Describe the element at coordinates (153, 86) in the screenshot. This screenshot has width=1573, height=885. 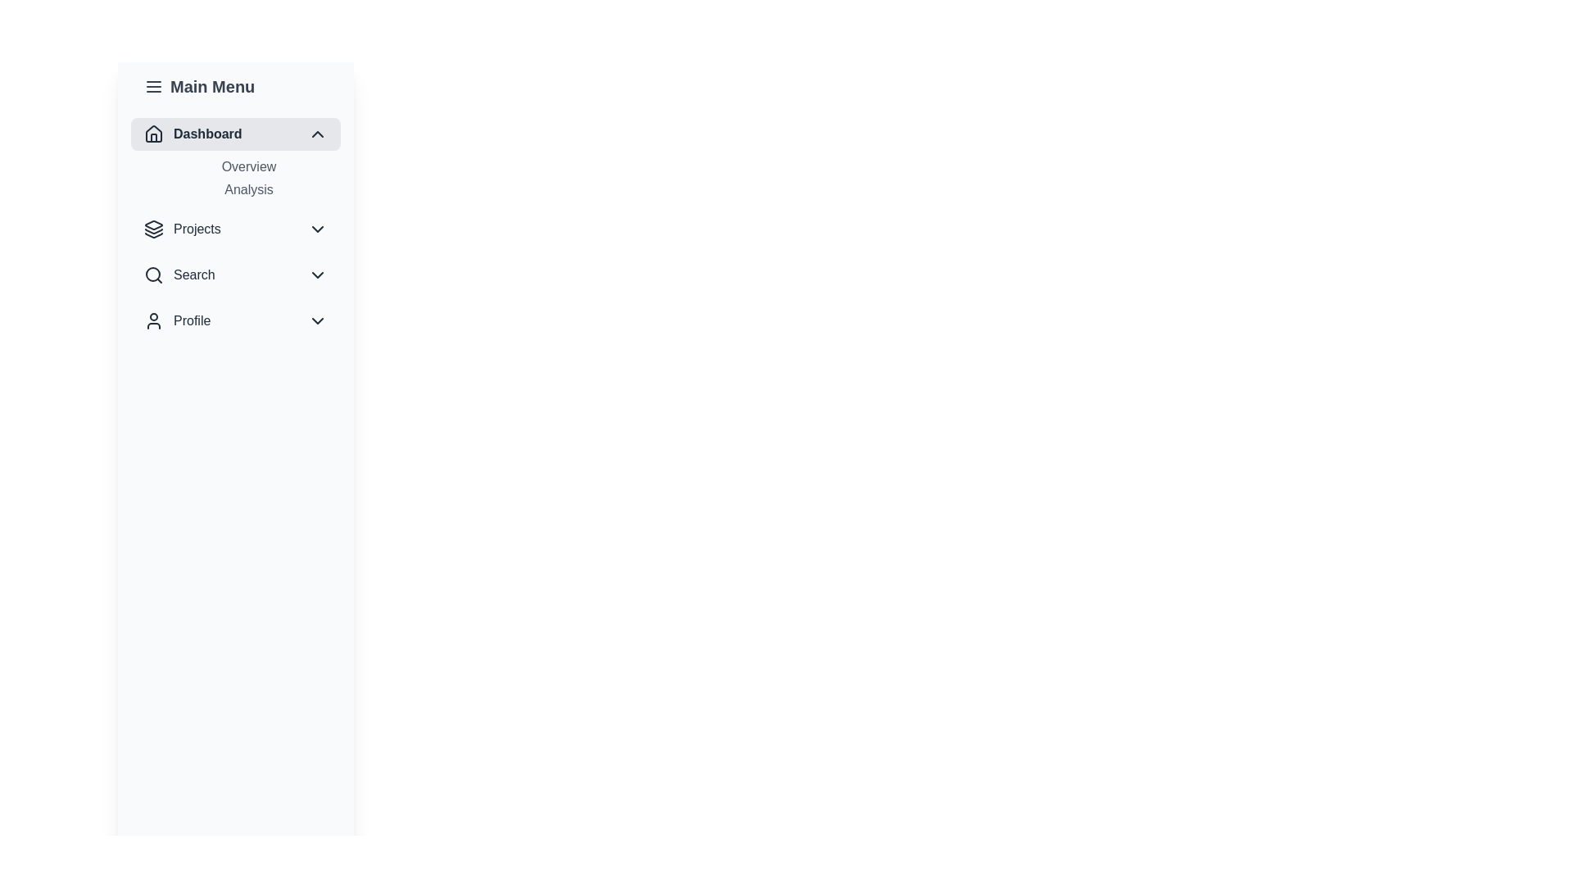
I see `the menu toggle icon located at the top of the sidebar, to the left of the 'Main Menu' heading, for potential tooltip display` at that location.